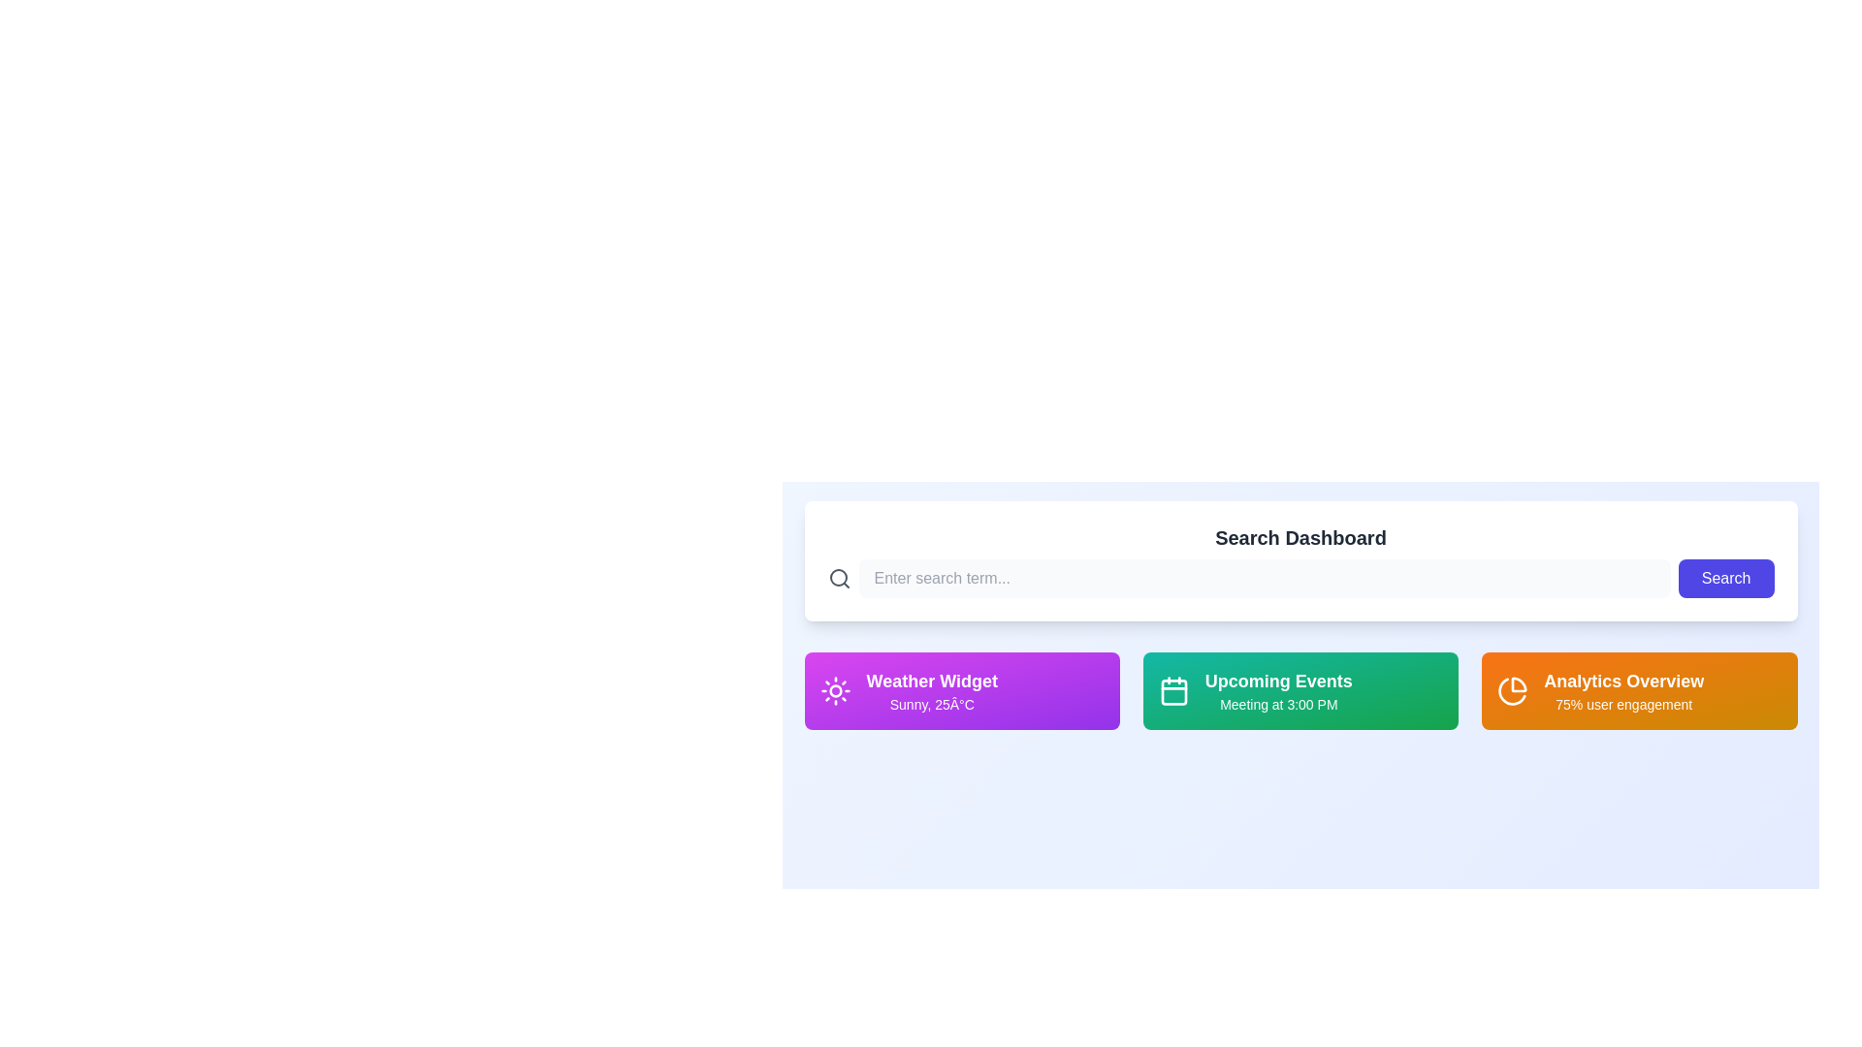 The image size is (1862, 1047). What do you see at coordinates (1726, 578) in the screenshot?
I see `the 'Search' button, which is a rectangular button with rounded corners and a solid indigo background located far right in the row layout` at bounding box center [1726, 578].